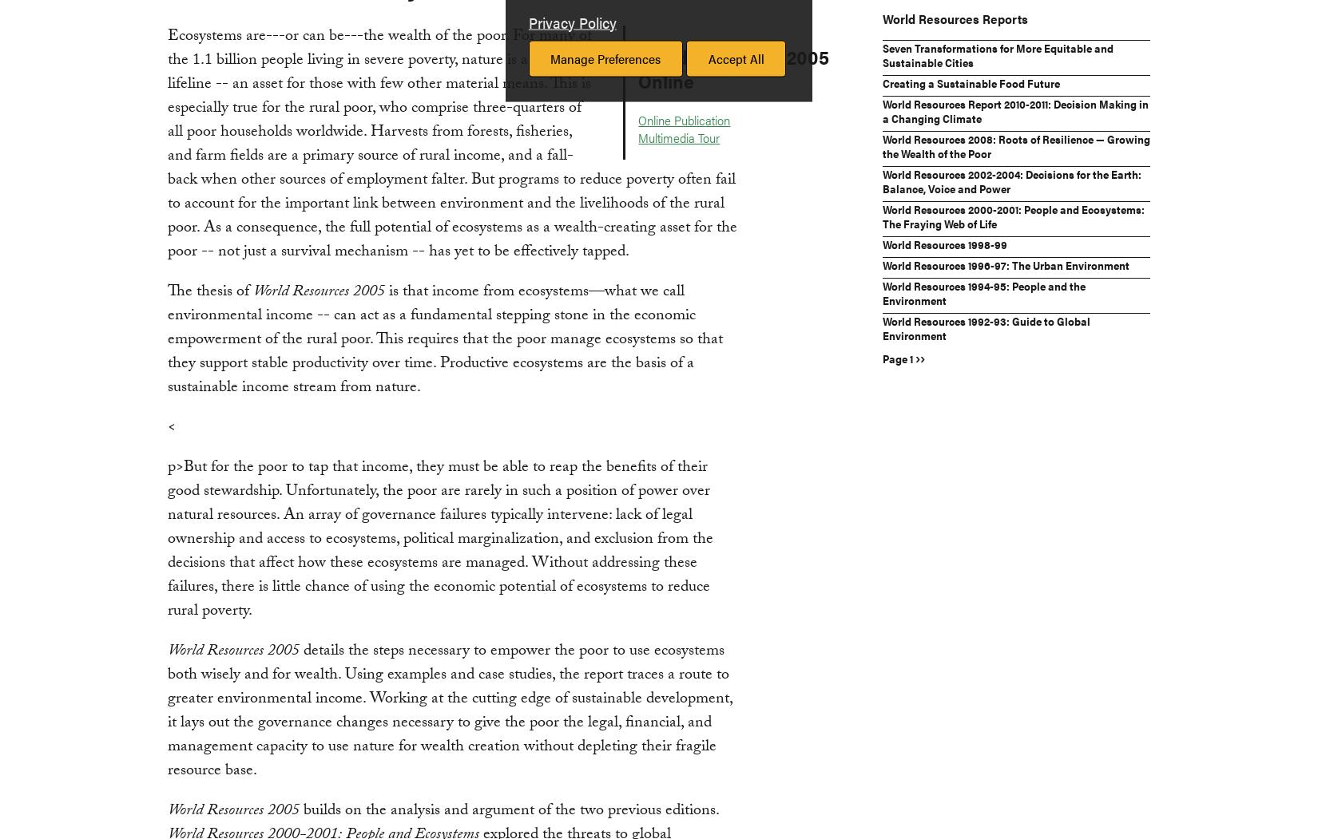  Describe the element at coordinates (209, 291) in the screenshot. I see `'The thesis of'` at that location.